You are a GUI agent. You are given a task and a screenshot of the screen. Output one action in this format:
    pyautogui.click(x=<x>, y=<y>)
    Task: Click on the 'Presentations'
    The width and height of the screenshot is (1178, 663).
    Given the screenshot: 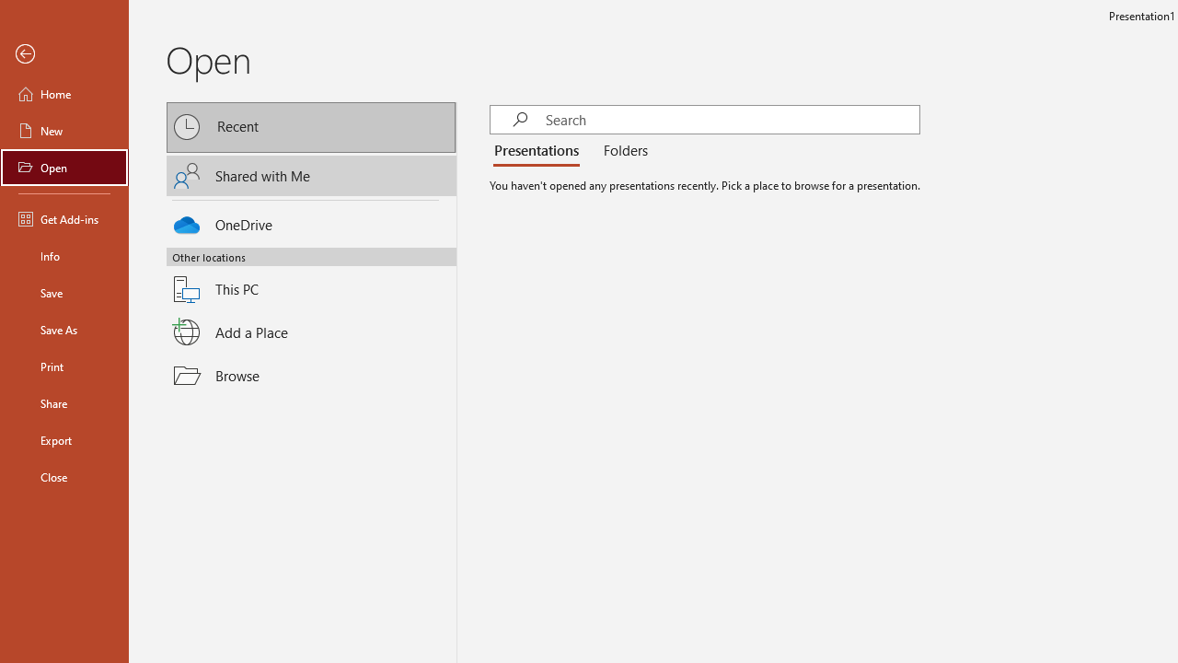 What is the action you would take?
    pyautogui.click(x=539, y=150)
    